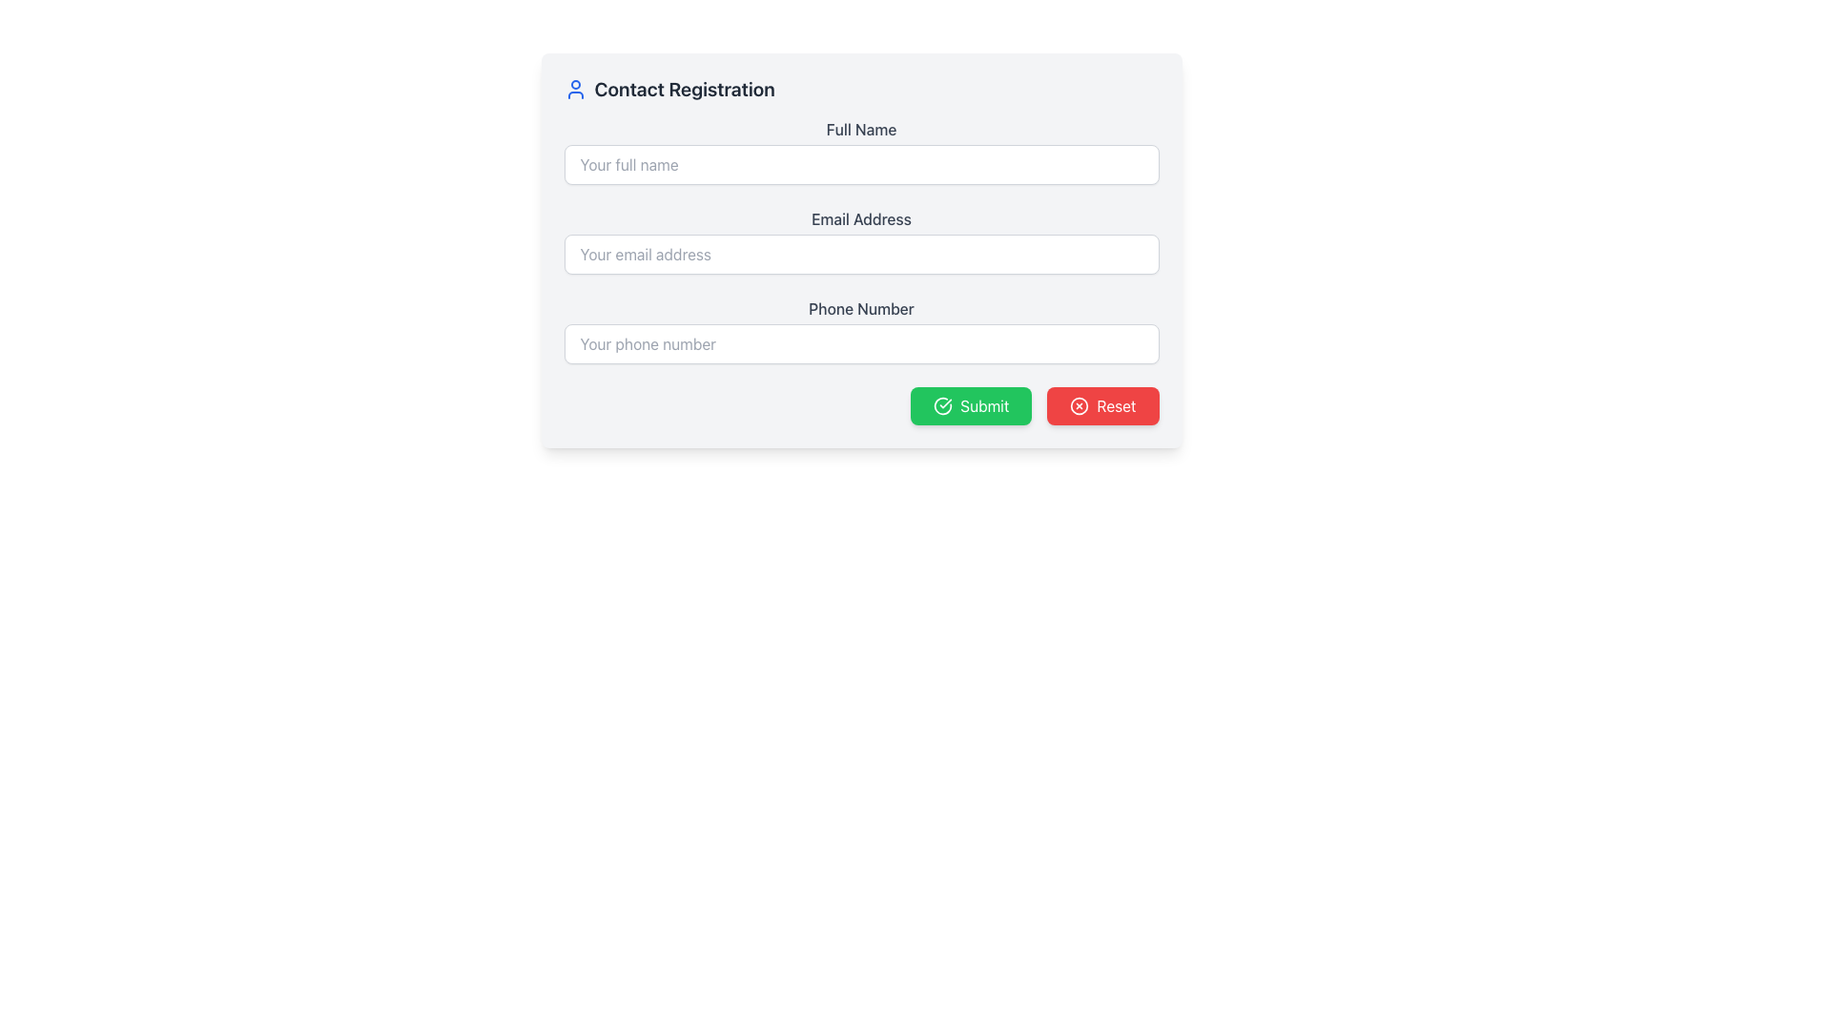  Describe the element at coordinates (860, 240) in the screenshot. I see `the email input field located below the 'Full Name' input and above the 'Phone Number' input to focus on it` at that location.